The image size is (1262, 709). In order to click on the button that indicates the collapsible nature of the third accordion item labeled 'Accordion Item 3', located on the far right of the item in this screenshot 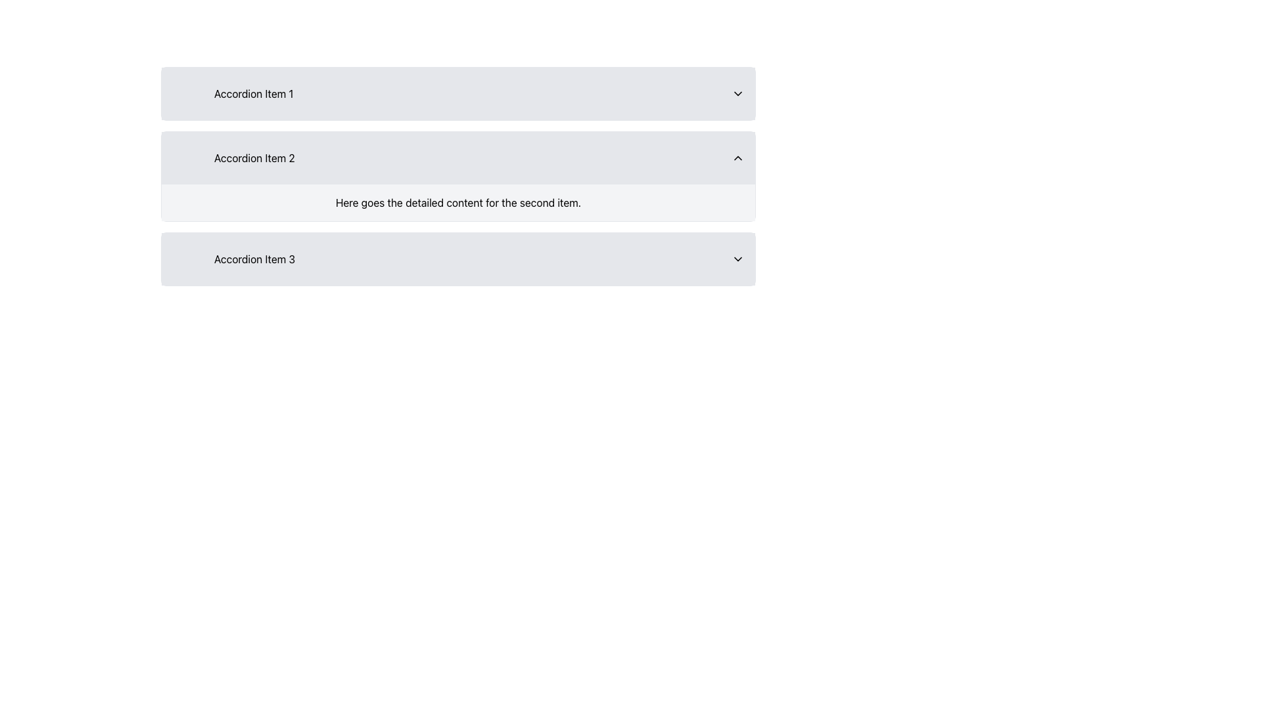, I will do `click(738, 259)`.